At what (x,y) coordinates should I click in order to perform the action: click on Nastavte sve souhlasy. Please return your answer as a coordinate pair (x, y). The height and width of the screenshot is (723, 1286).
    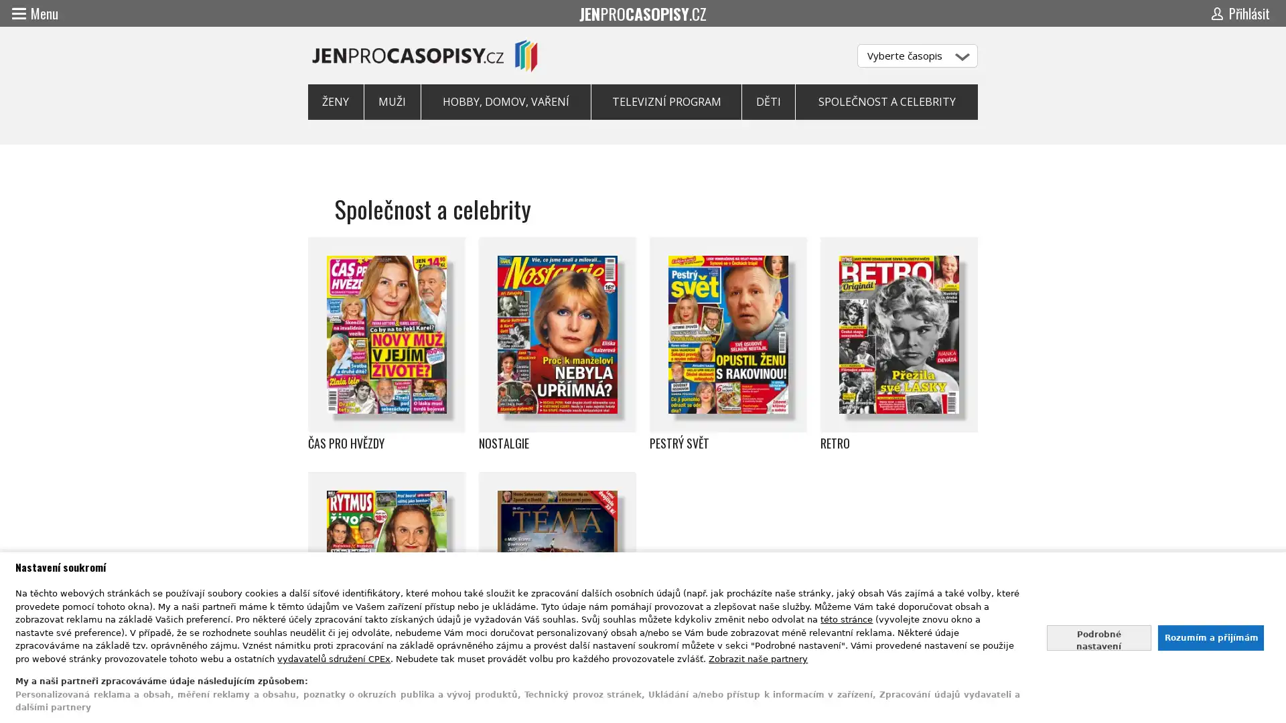
    Looking at the image, I should click on (1098, 637).